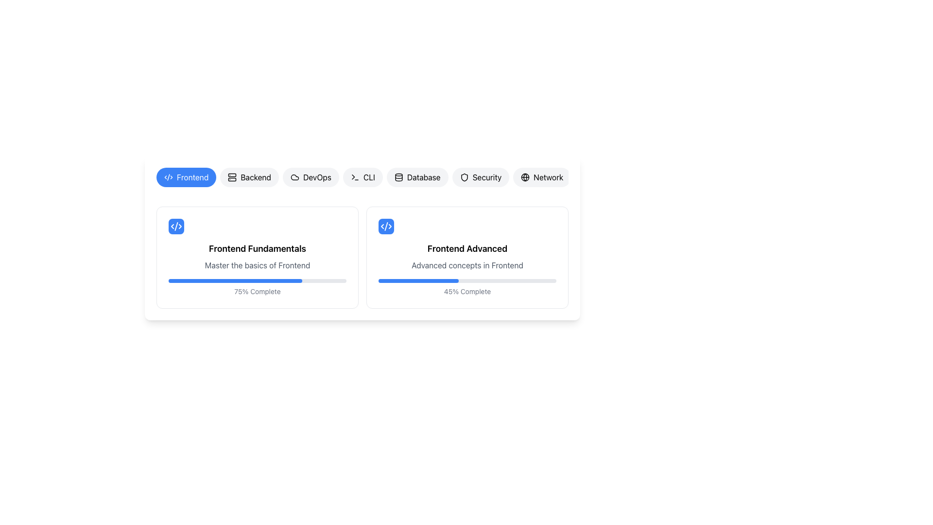  I want to click on the text label within the navigation button that guides users to the database section, positioned fifth in the sequence, between the 'CLI' and 'Security' buttons, so click(424, 177).